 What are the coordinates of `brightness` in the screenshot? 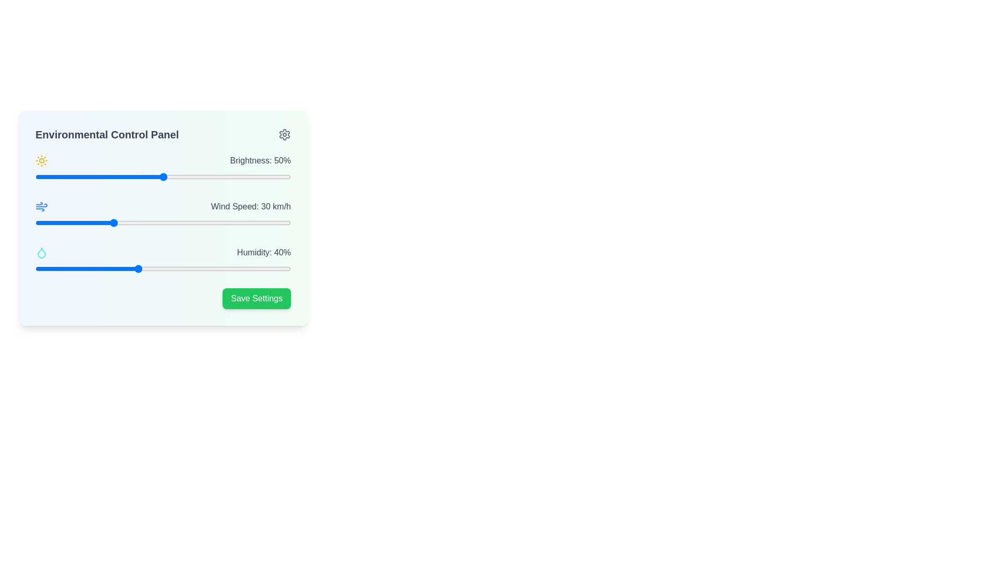 It's located at (139, 177).